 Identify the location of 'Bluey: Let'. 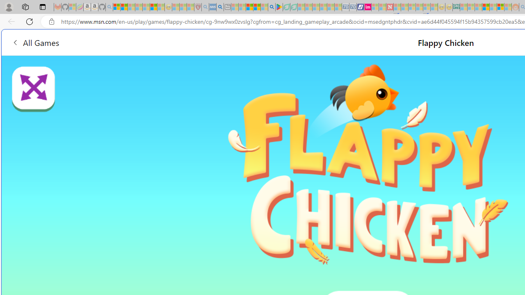
(279, 7).